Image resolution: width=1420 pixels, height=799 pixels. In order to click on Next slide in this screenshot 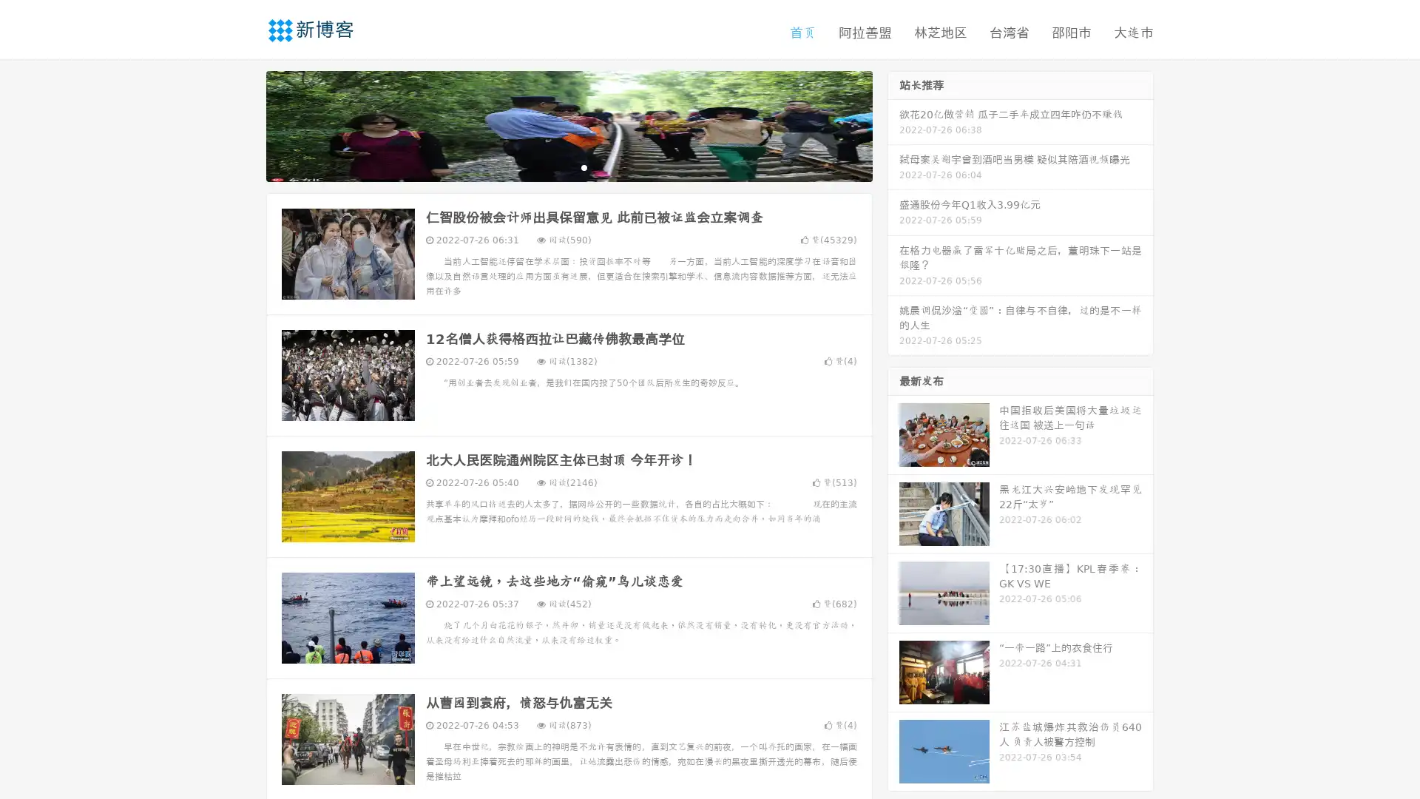, I will do `click(893, 124)`.